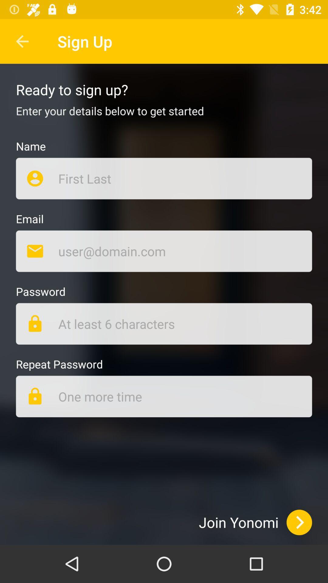  Describe the element at coordinates (299, 522) in the screenshot. I see `the arrow_forward icon` at that location.